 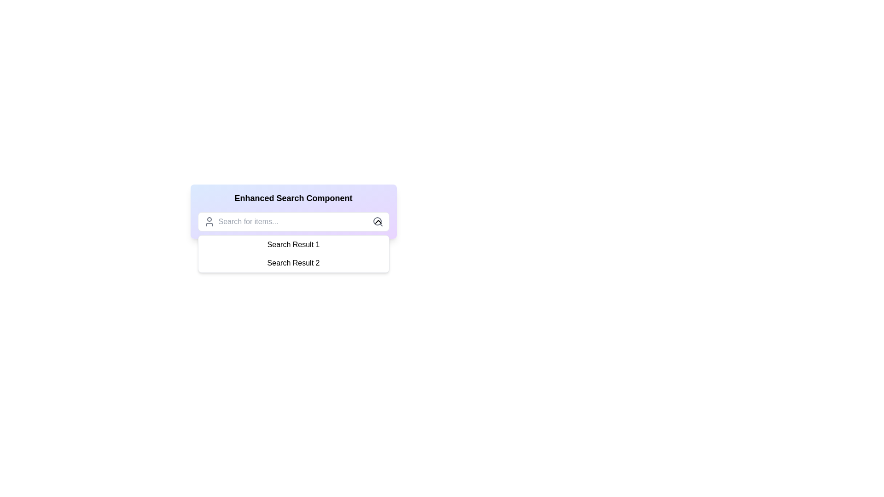 What do you see at coordinates (377, 221) in the screenshot?
I see `the circle element of the magnifying glass icon, which symbolizes the search functionality in the search bar` at bounding box center [377, 221].